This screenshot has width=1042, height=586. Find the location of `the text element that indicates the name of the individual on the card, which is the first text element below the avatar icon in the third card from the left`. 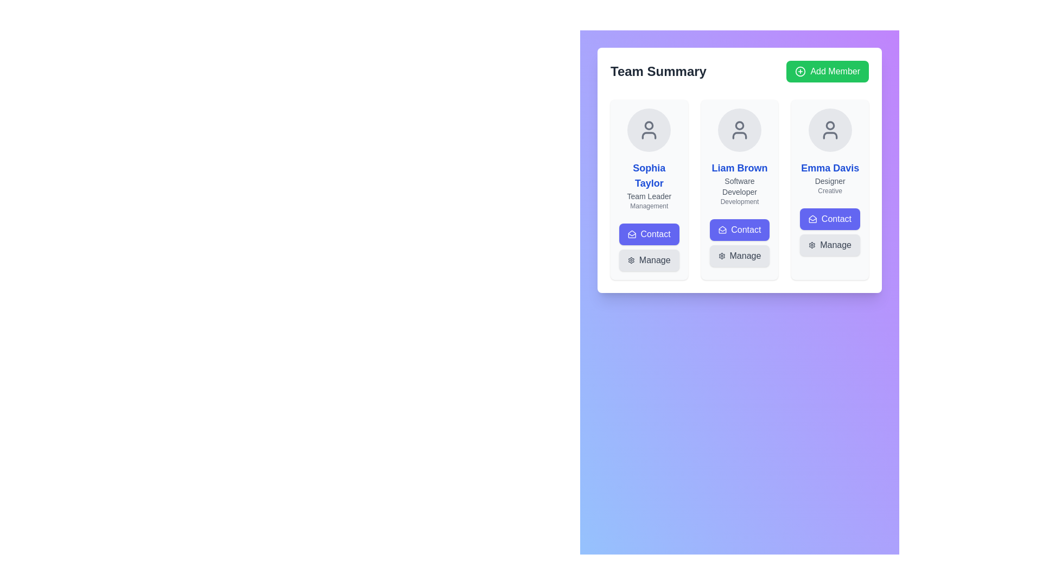

the text element that indicates the name of the individual on the card, which is the first text element below the avatar icon in the third card from the left is located at coordinates (829, 168).